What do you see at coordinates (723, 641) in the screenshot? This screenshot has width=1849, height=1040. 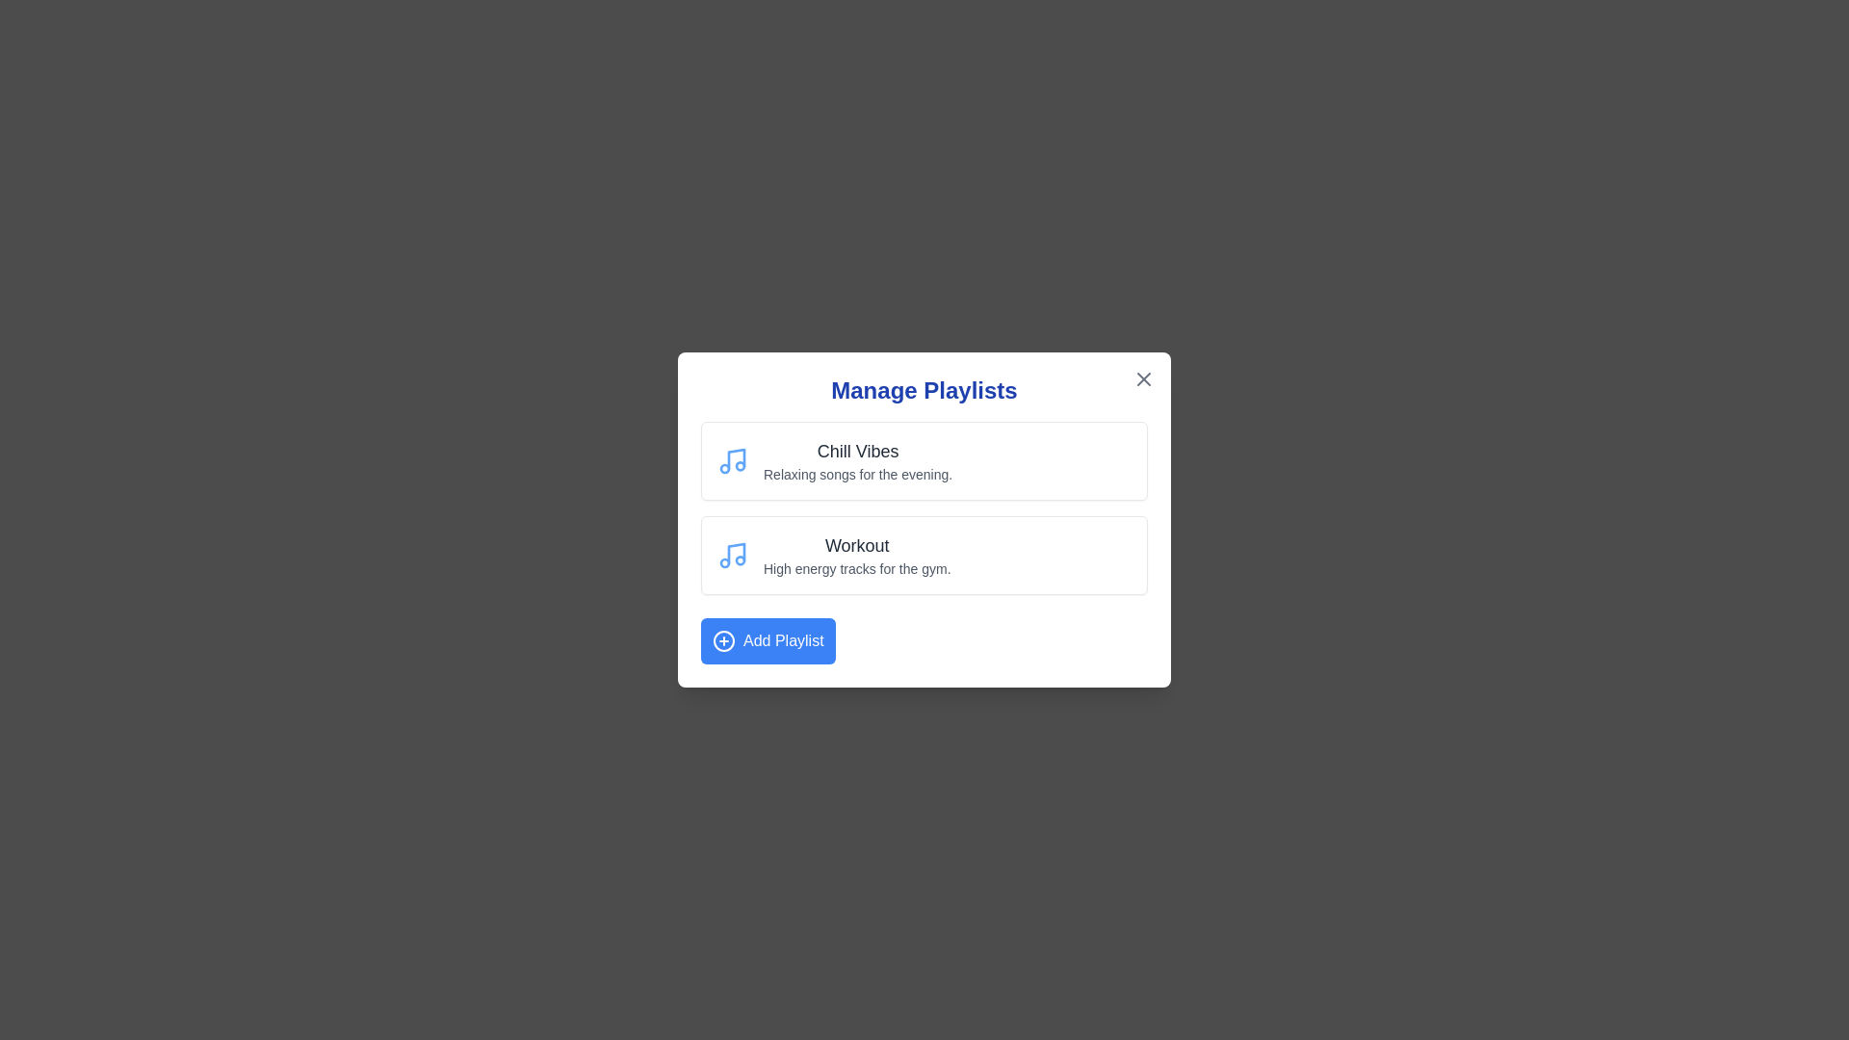 I see `the addition icon located inside the 'Add Playlist' button at the bottom-left side of its content area` at bounding box center [723, 641].